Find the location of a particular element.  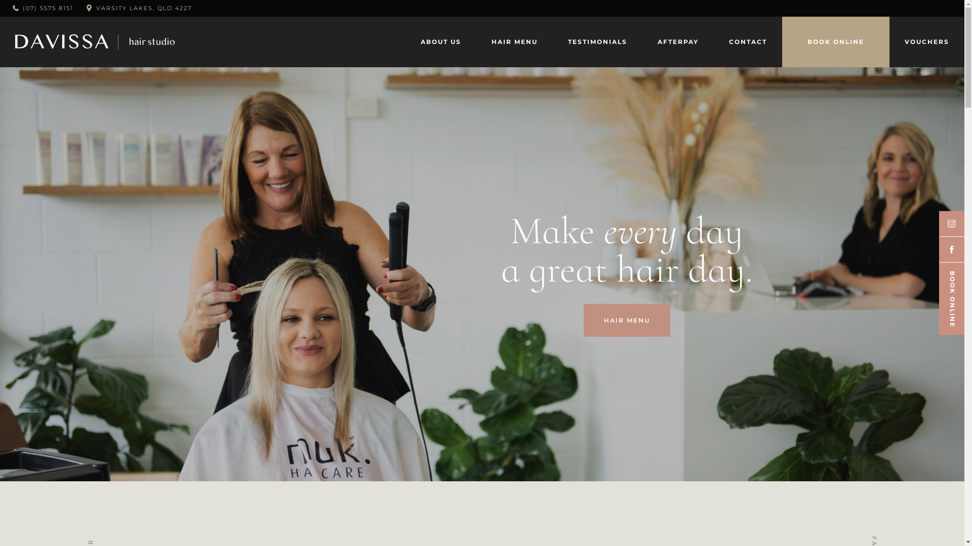

'HAIR MENU' is located at coordinates (626, 320).